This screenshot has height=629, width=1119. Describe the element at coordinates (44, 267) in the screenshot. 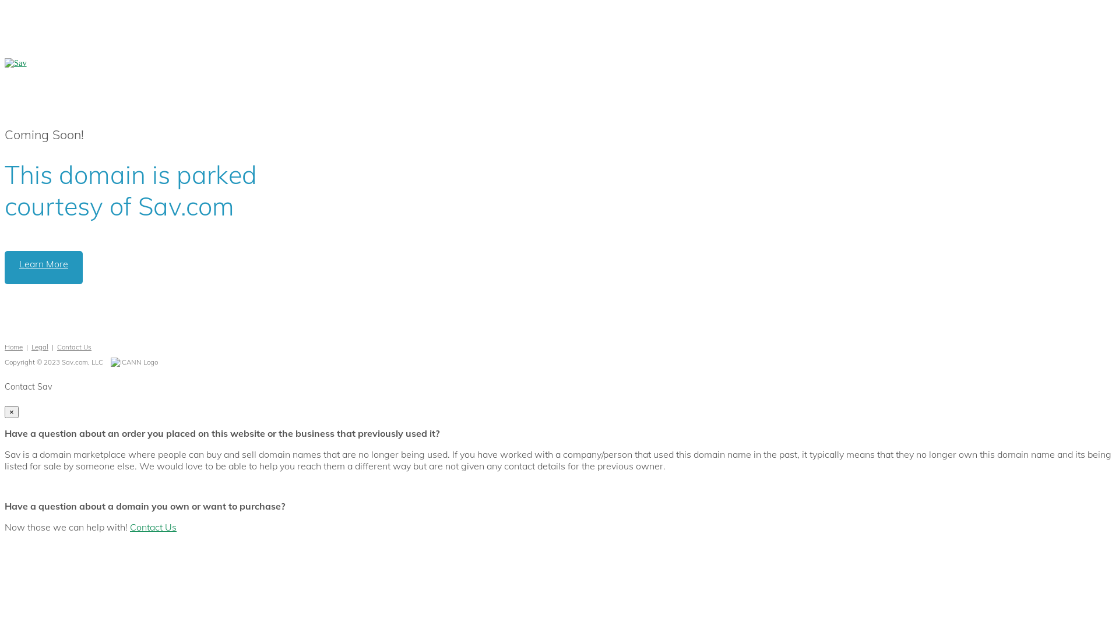

I see `'Learn More'` at that location.